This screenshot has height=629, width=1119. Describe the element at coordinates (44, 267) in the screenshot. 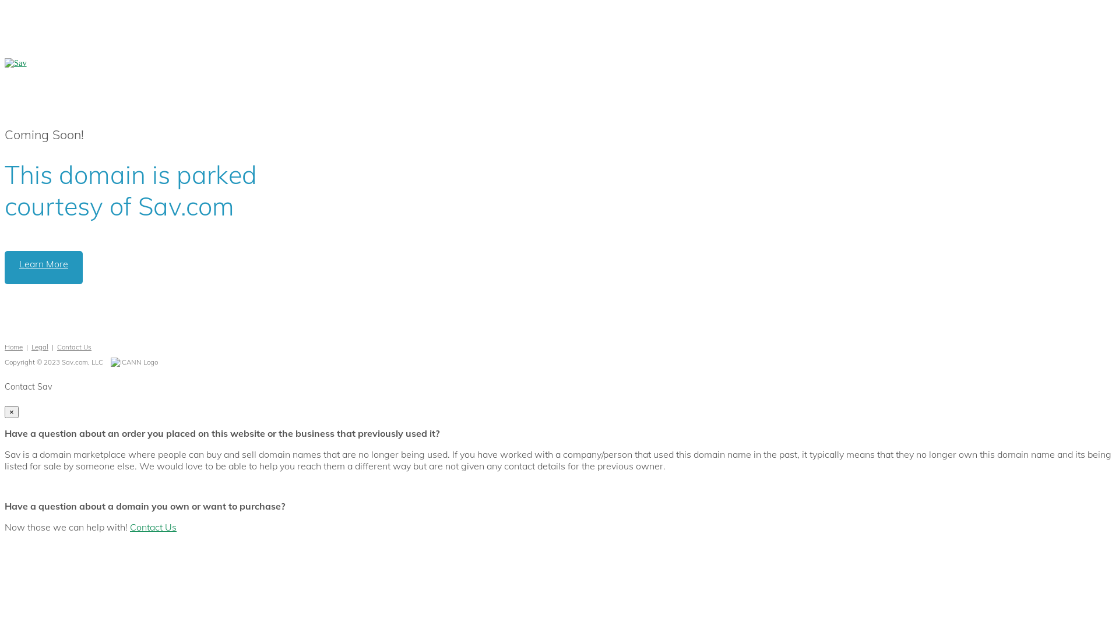

I see `'Learn More'` at that location.